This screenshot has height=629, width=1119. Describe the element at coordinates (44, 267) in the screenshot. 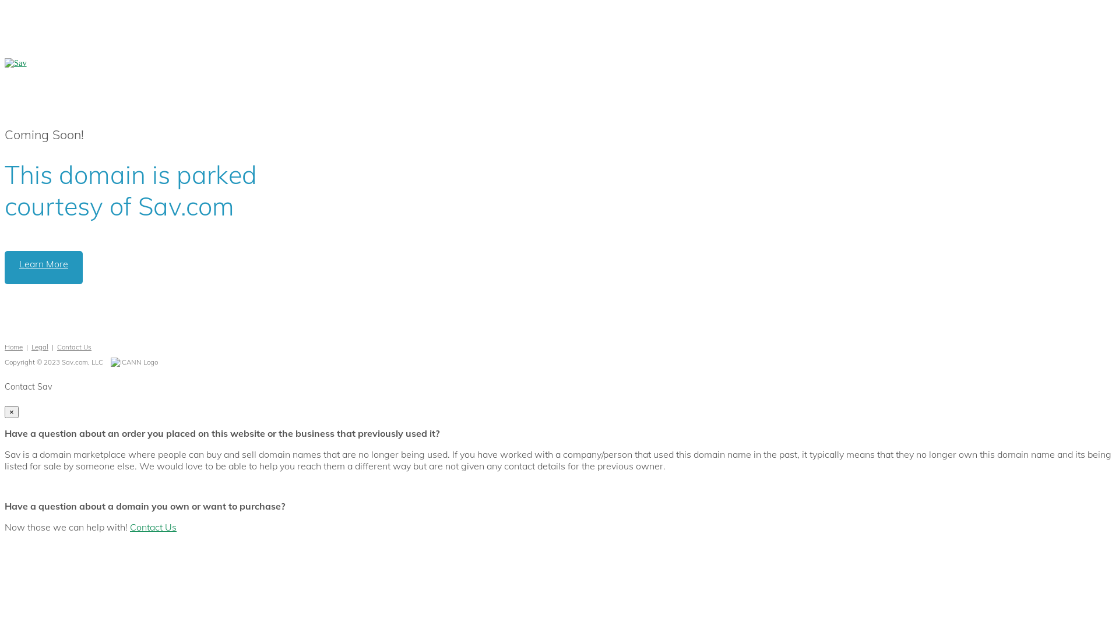

I see `'Learn More'` at that location.